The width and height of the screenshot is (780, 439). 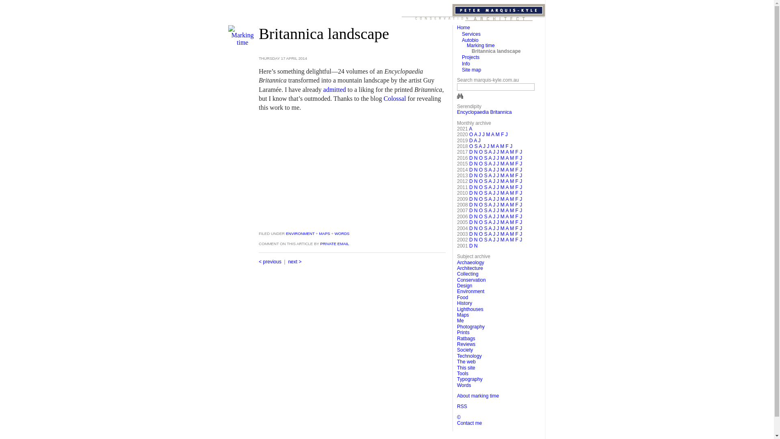 What do you see at coordinates (471, 34) in the screenshot?
I see `'Services'` at bounding box center [471, 34].